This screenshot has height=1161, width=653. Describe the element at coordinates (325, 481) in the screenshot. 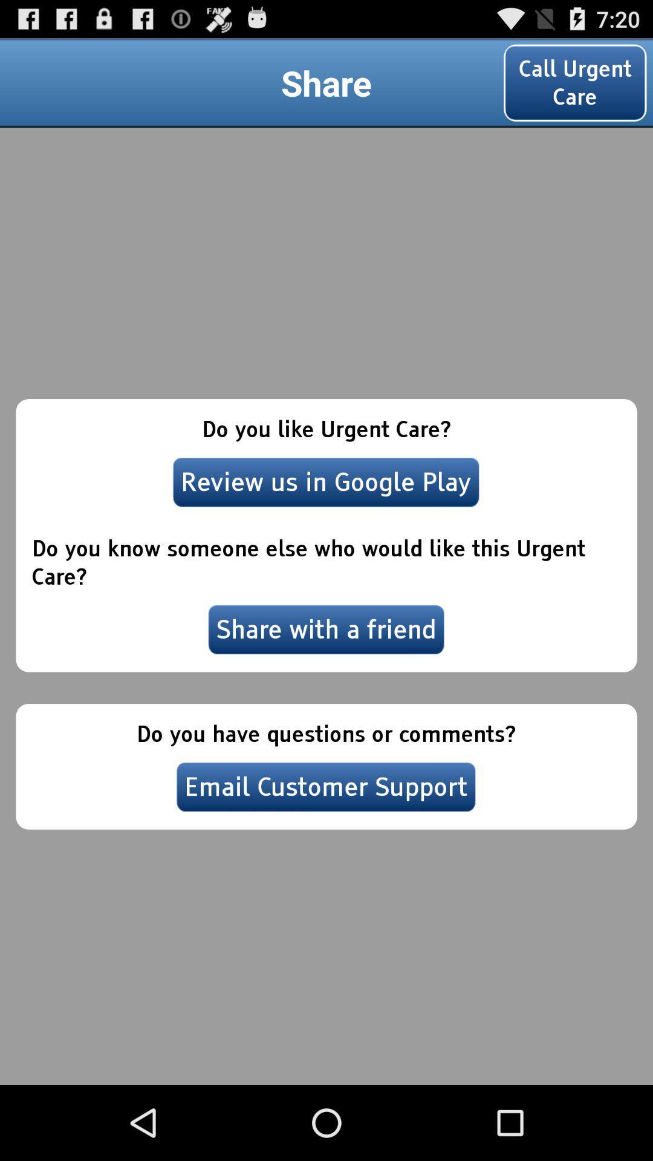

I see `the item above the do you know item` at that location.